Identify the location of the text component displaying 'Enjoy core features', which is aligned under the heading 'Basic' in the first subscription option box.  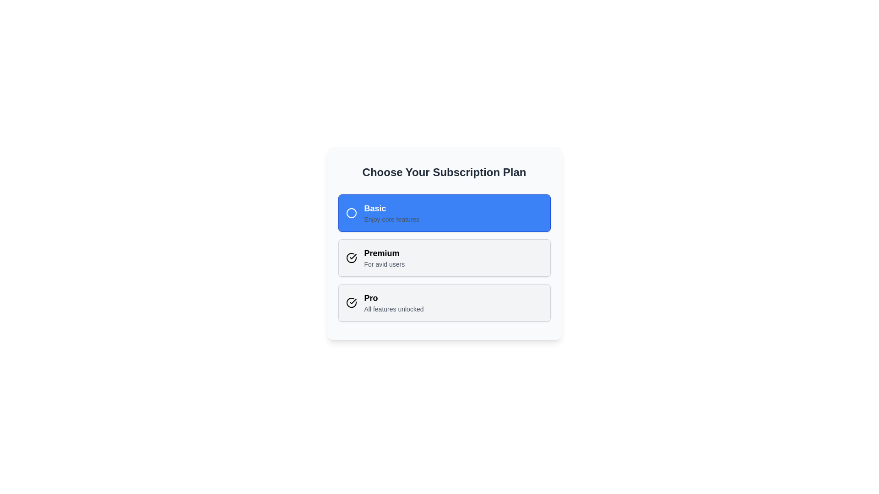
(391, 219).